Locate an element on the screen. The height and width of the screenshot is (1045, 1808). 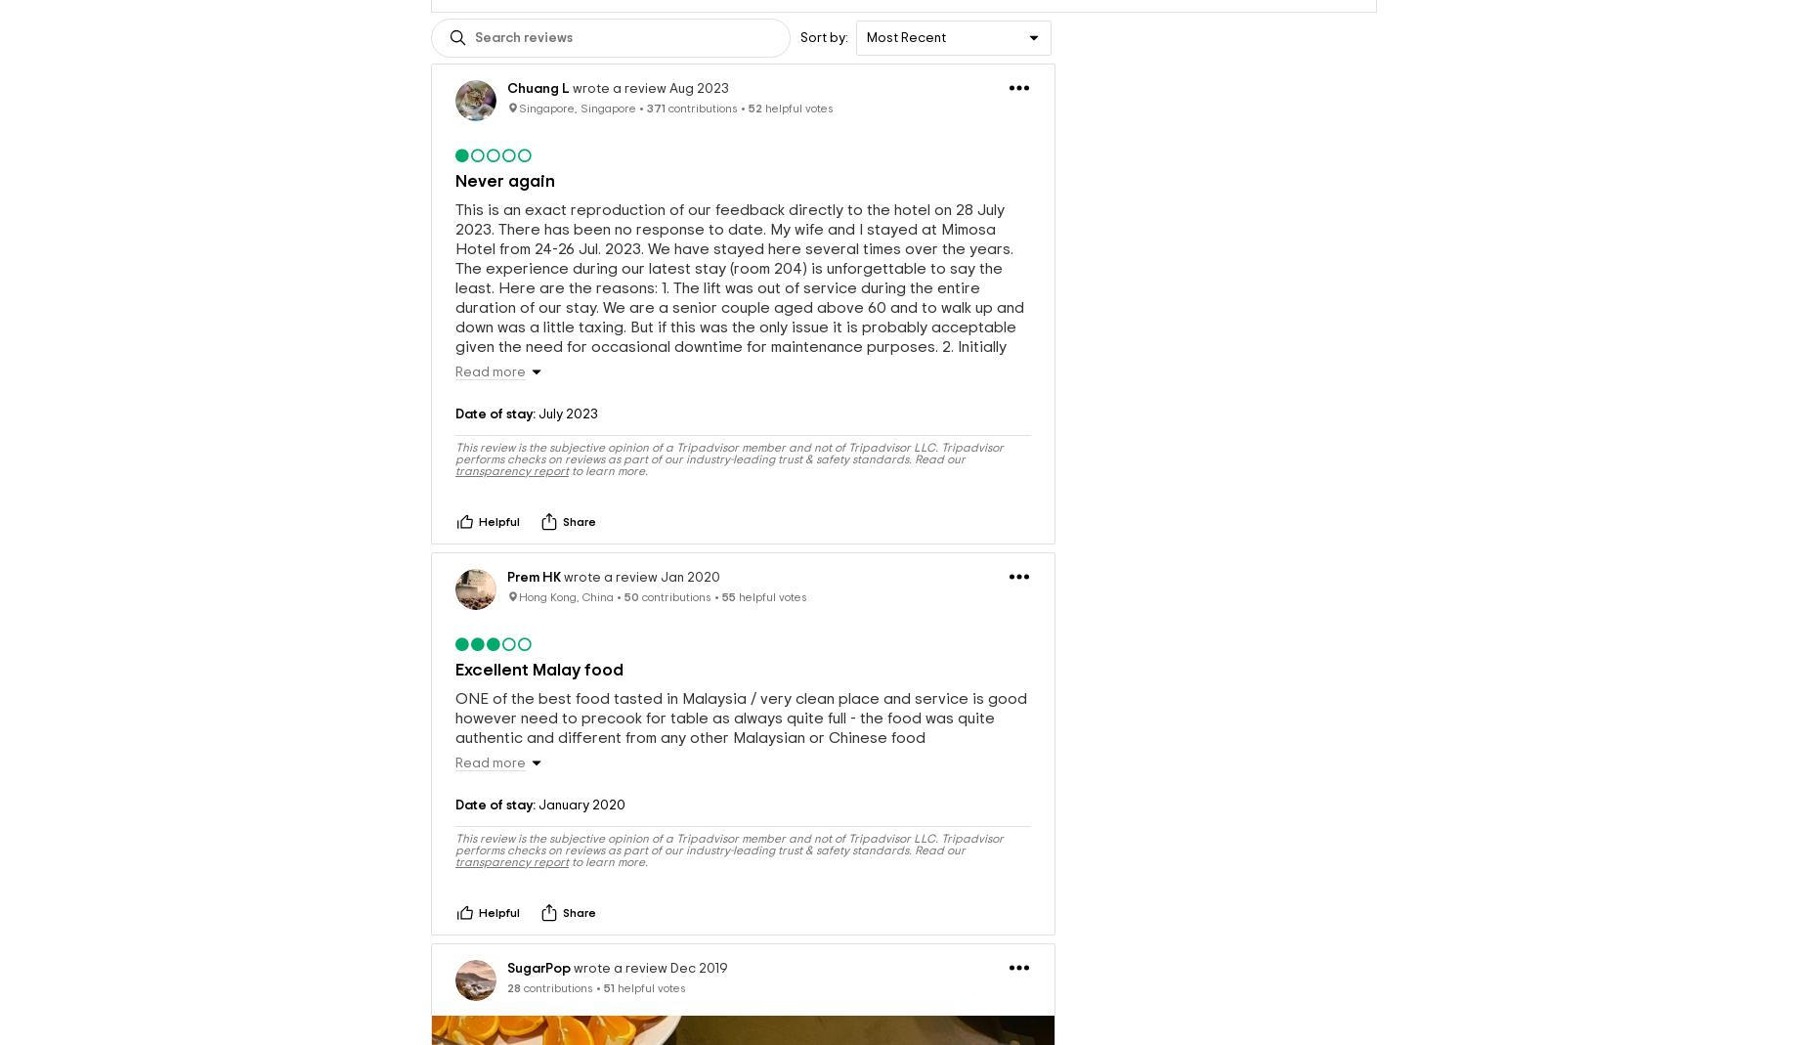
'Never again' is located at coordinates (505, 181).